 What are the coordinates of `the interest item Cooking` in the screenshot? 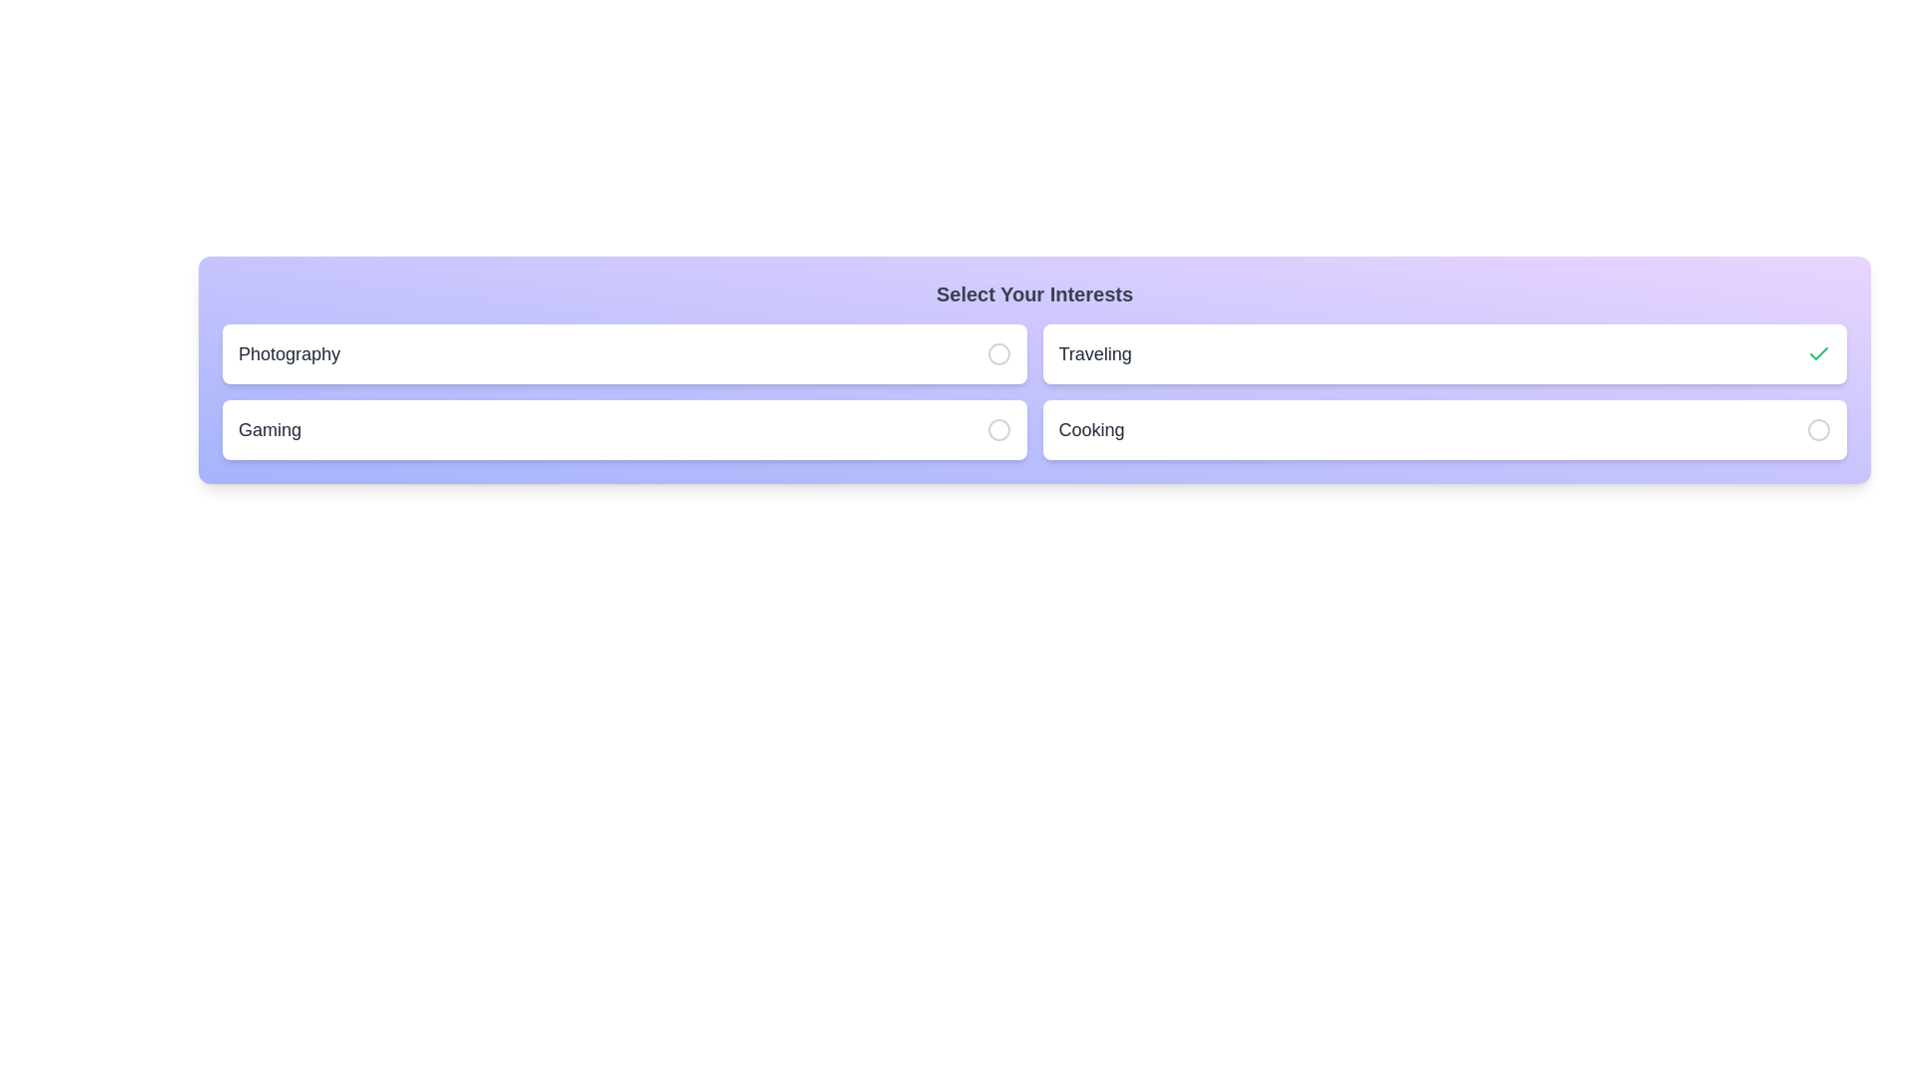 It's located at (1445, 429).